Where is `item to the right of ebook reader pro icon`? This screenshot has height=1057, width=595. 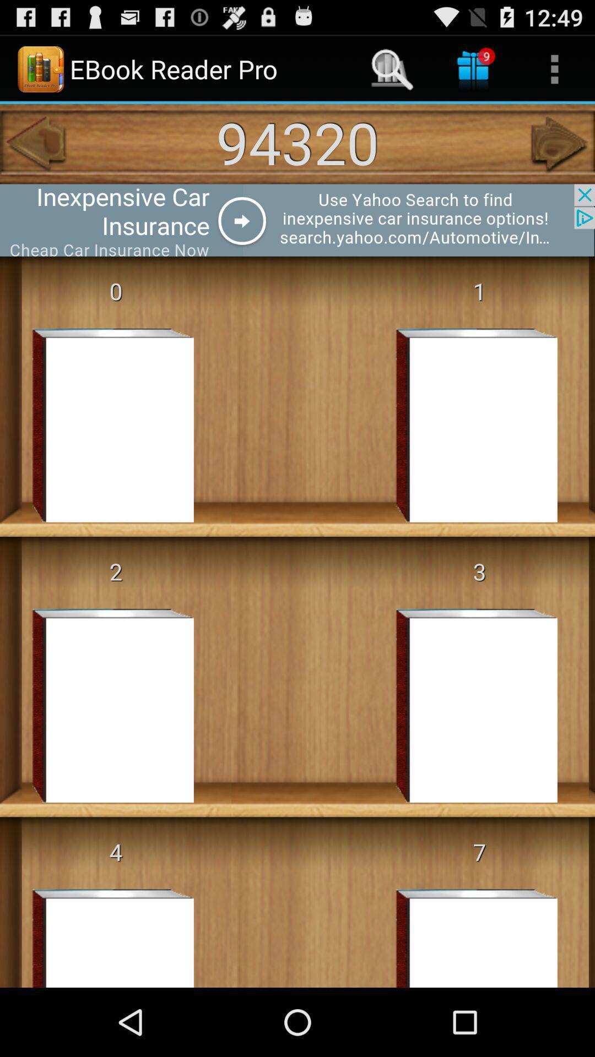 item to the right of ebook reader pro icon is located at coordinates (392, 68).